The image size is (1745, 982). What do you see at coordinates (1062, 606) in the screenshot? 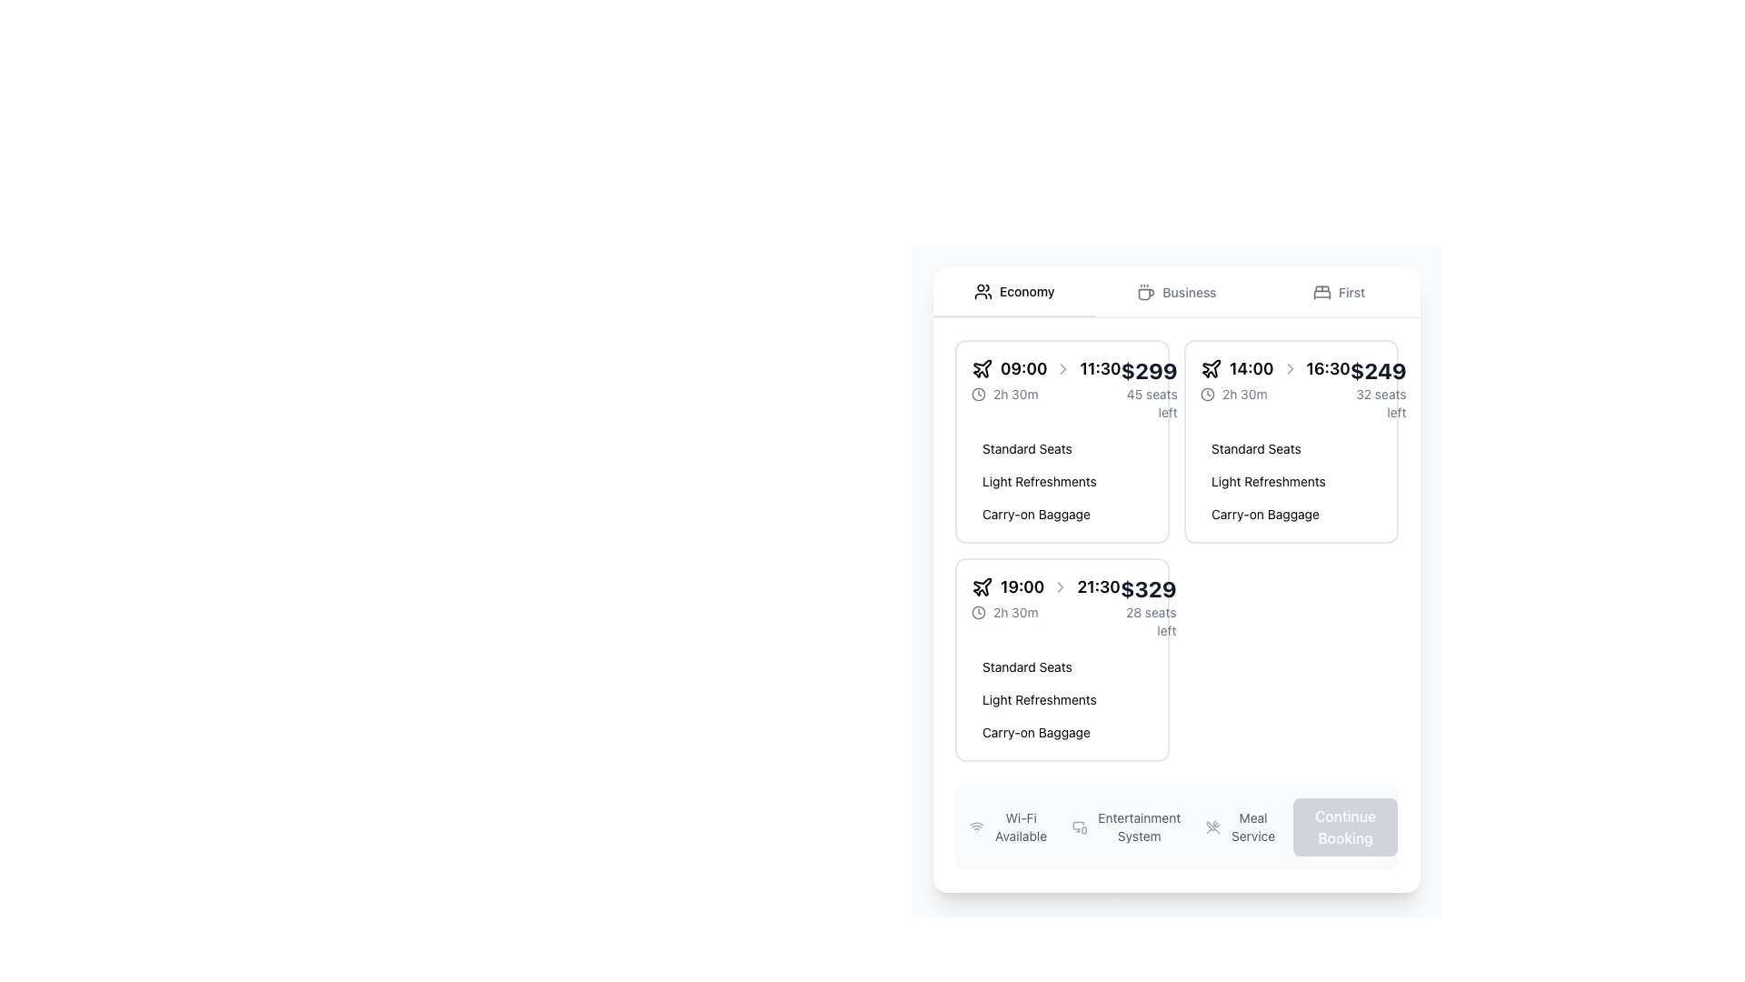
I see `the Information display row within the flight offer card to possibly see additional information about the flight offer` at bounding box center [1062, 606].